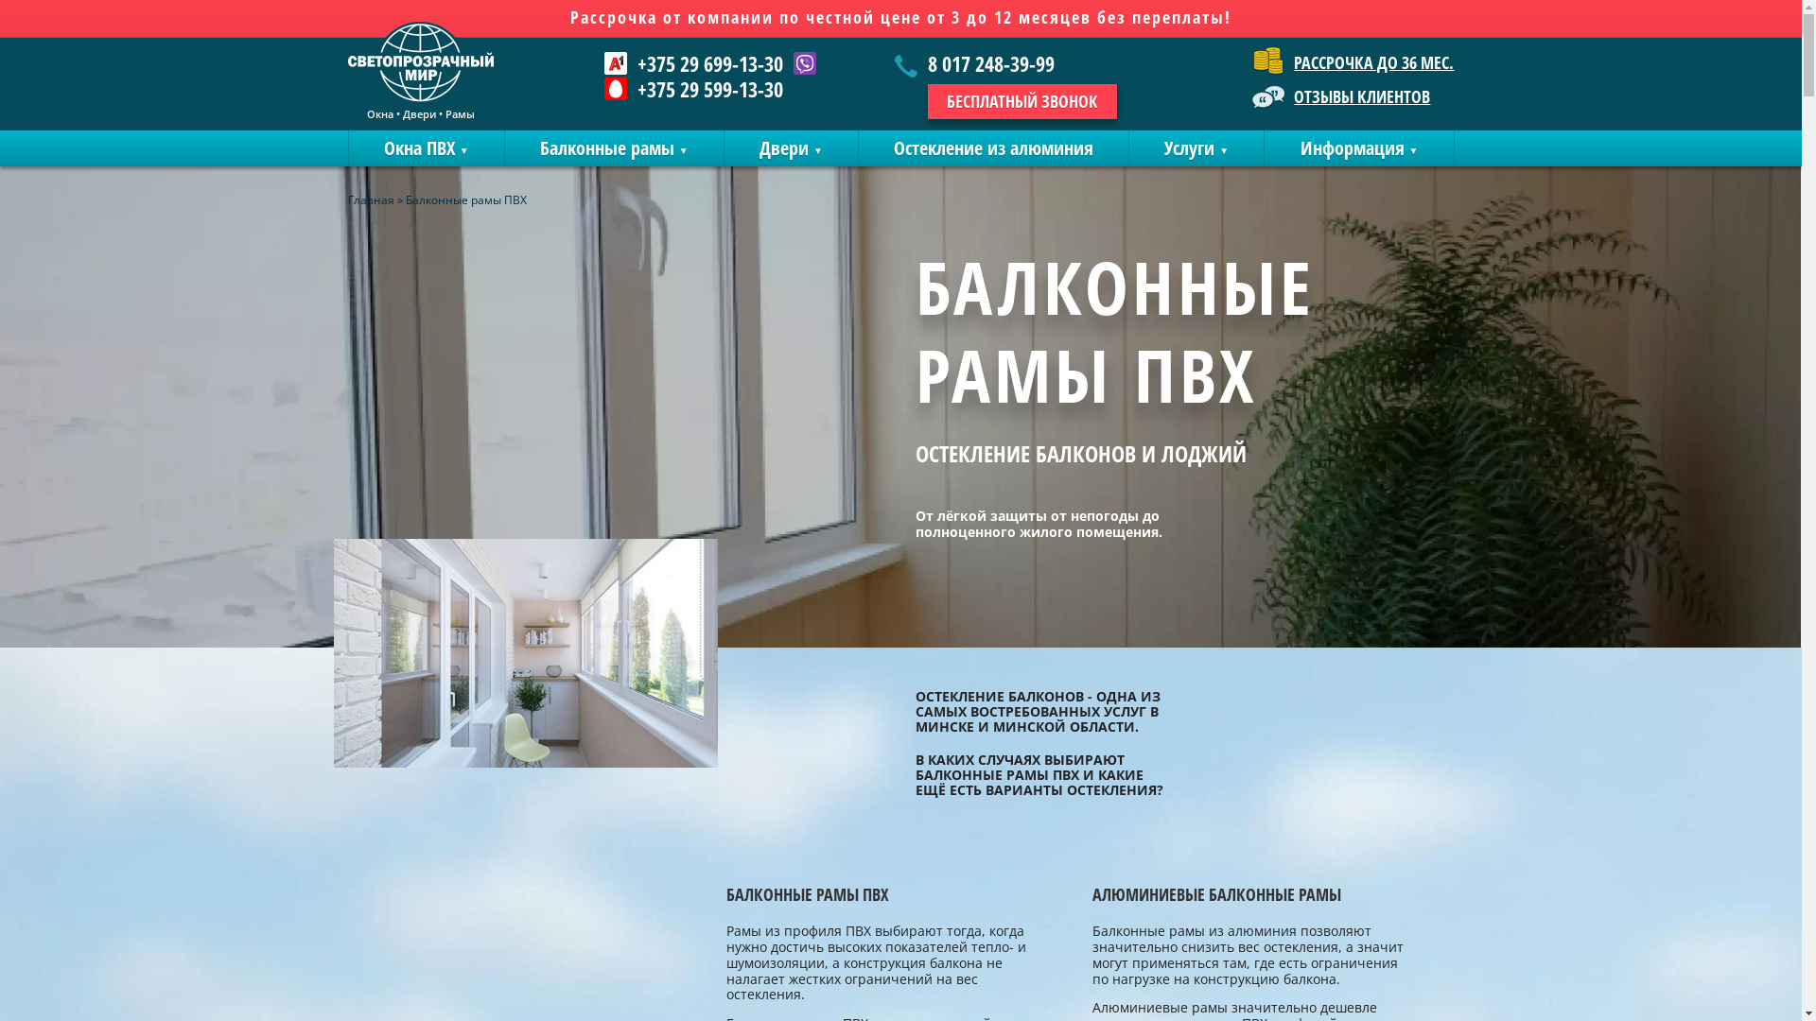  Describe the element at coordinates (637, 88) in the screenshot. I see `'+375 29 599-13-30'` at that location.